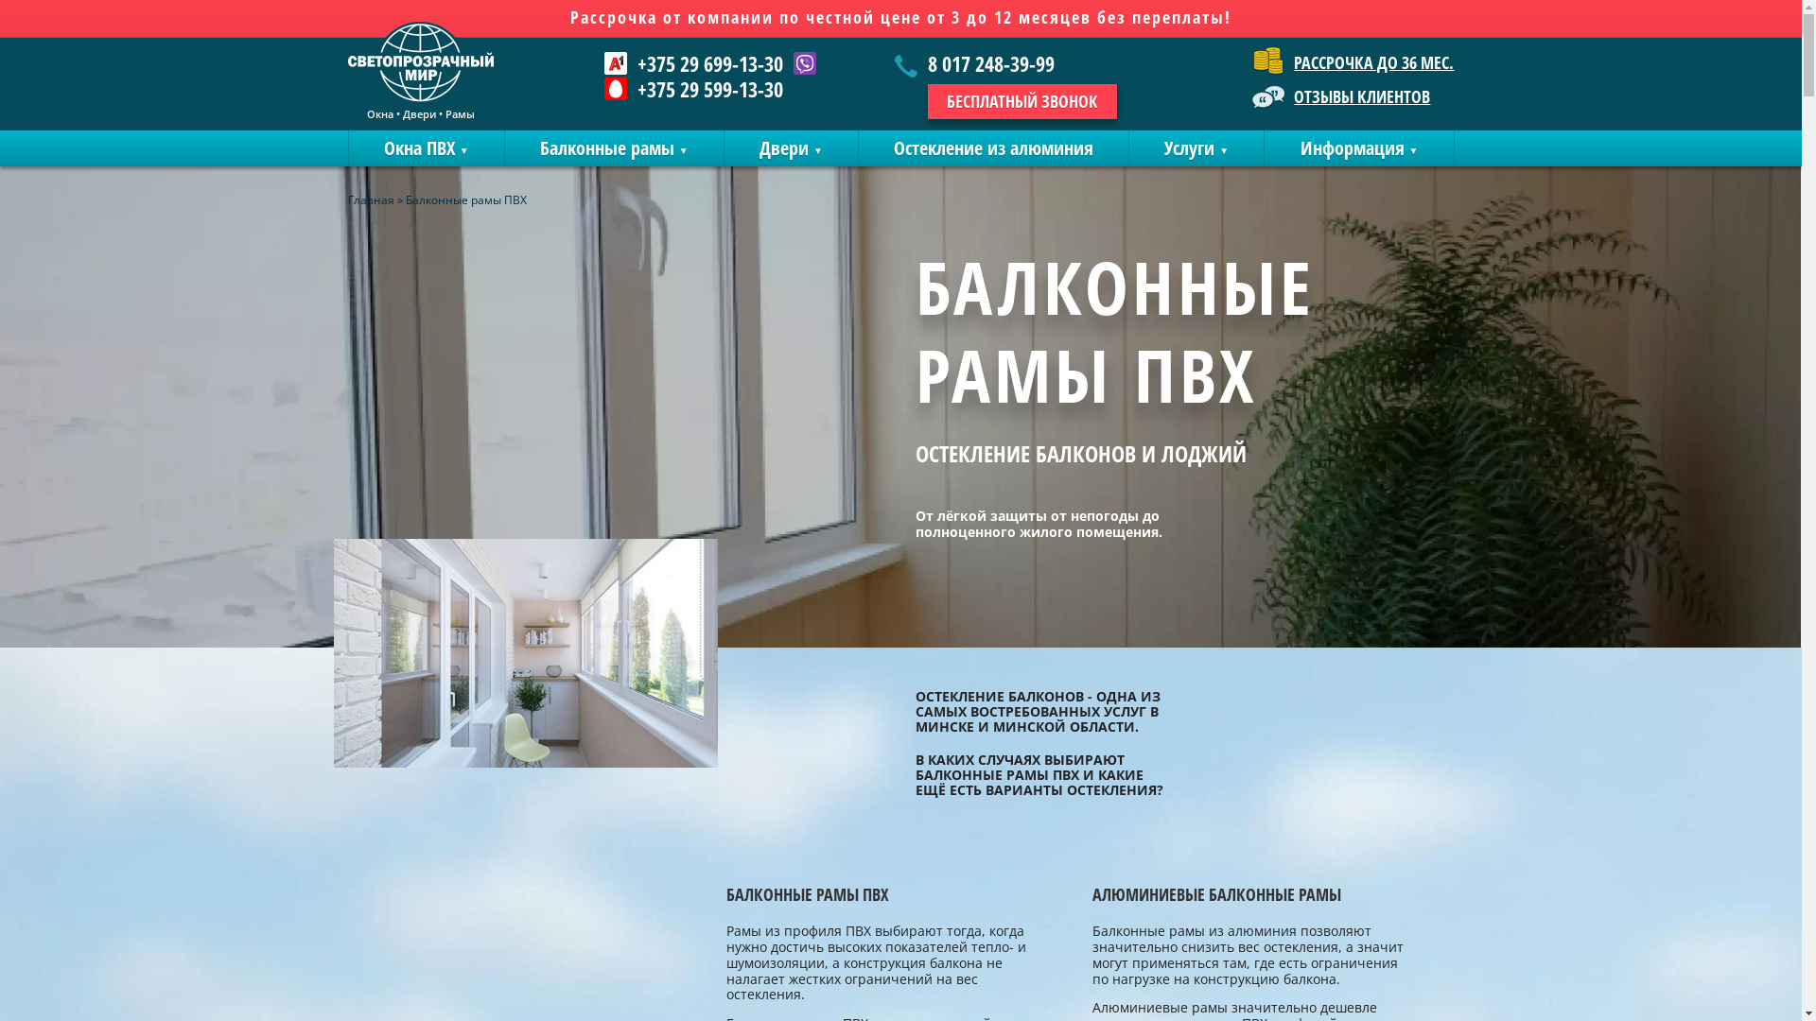  Describe the element at coordinates (637, 88) in the screenshot. I see `'+375 29 599-13-30'` at that location.